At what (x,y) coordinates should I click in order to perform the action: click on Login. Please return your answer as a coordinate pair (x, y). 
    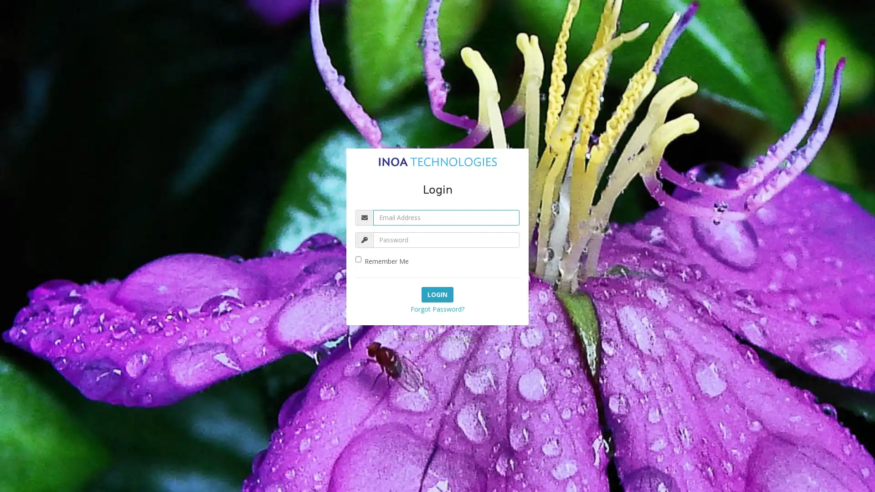
    Looking at the image, I should click on (437, 294).